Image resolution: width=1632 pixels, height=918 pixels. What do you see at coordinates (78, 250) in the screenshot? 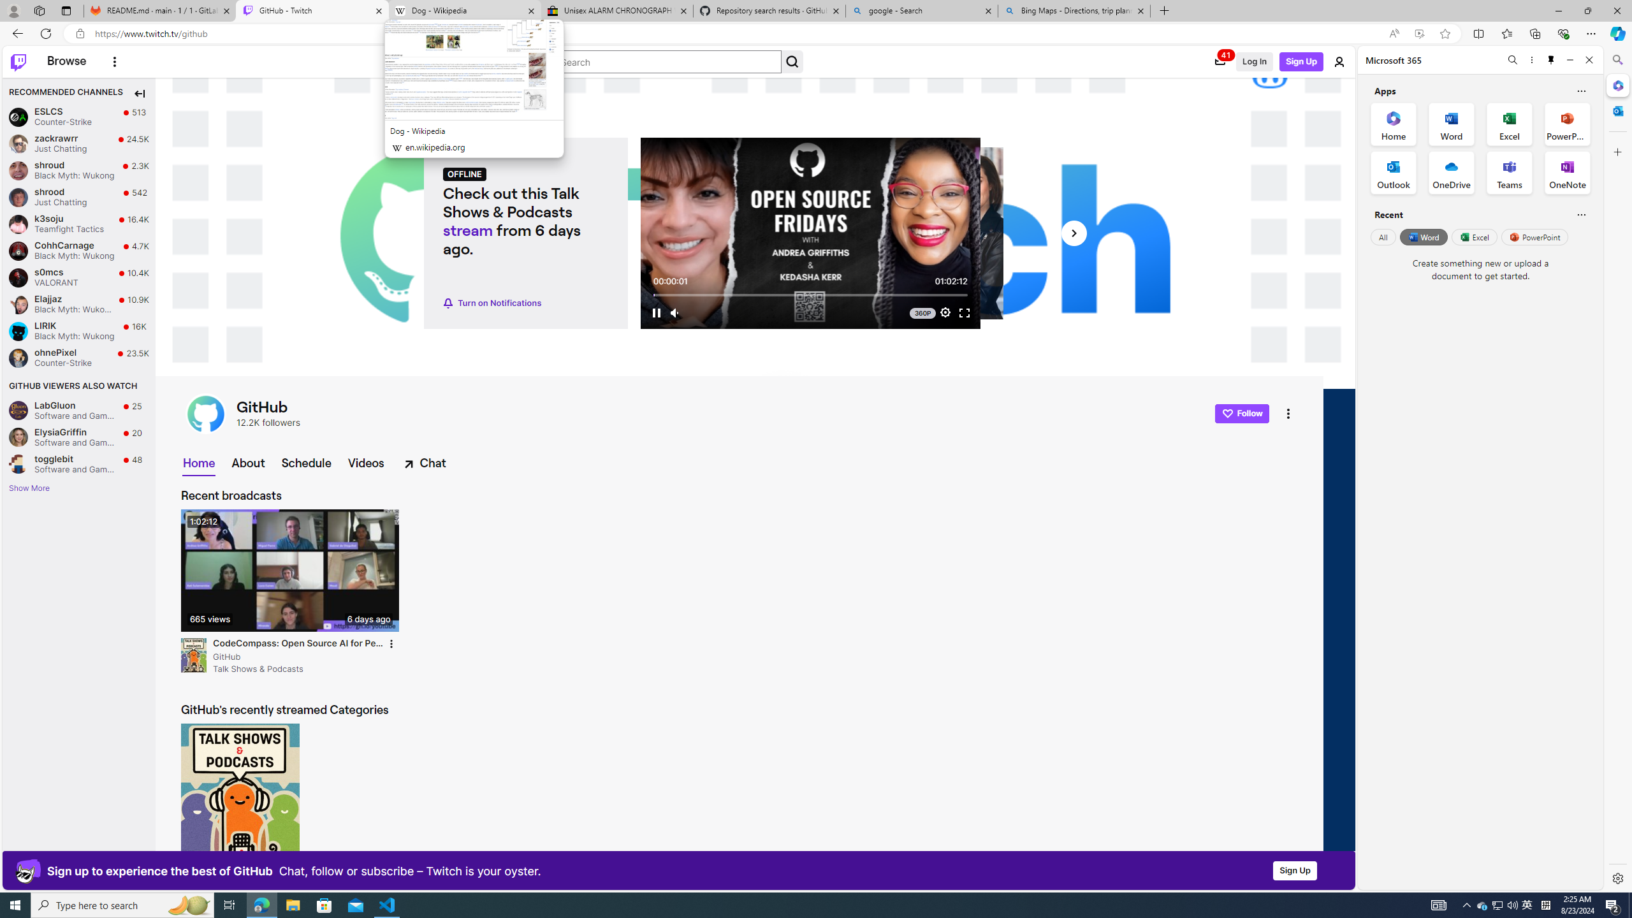
I see `'CohhCarnage CohhCarnage Black Myth: Wukong Live 4.7K viewers'` at bounding box center [78, 250].